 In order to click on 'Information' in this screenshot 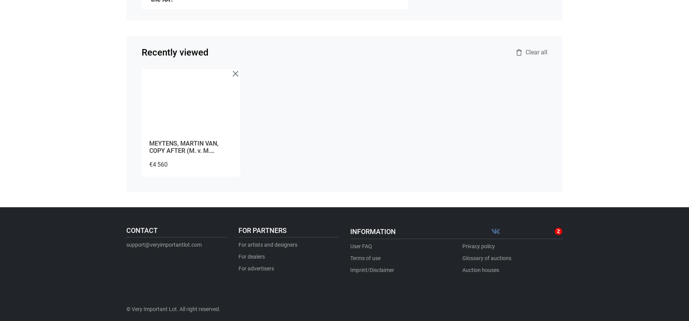, I will do `click(372, 231)`.